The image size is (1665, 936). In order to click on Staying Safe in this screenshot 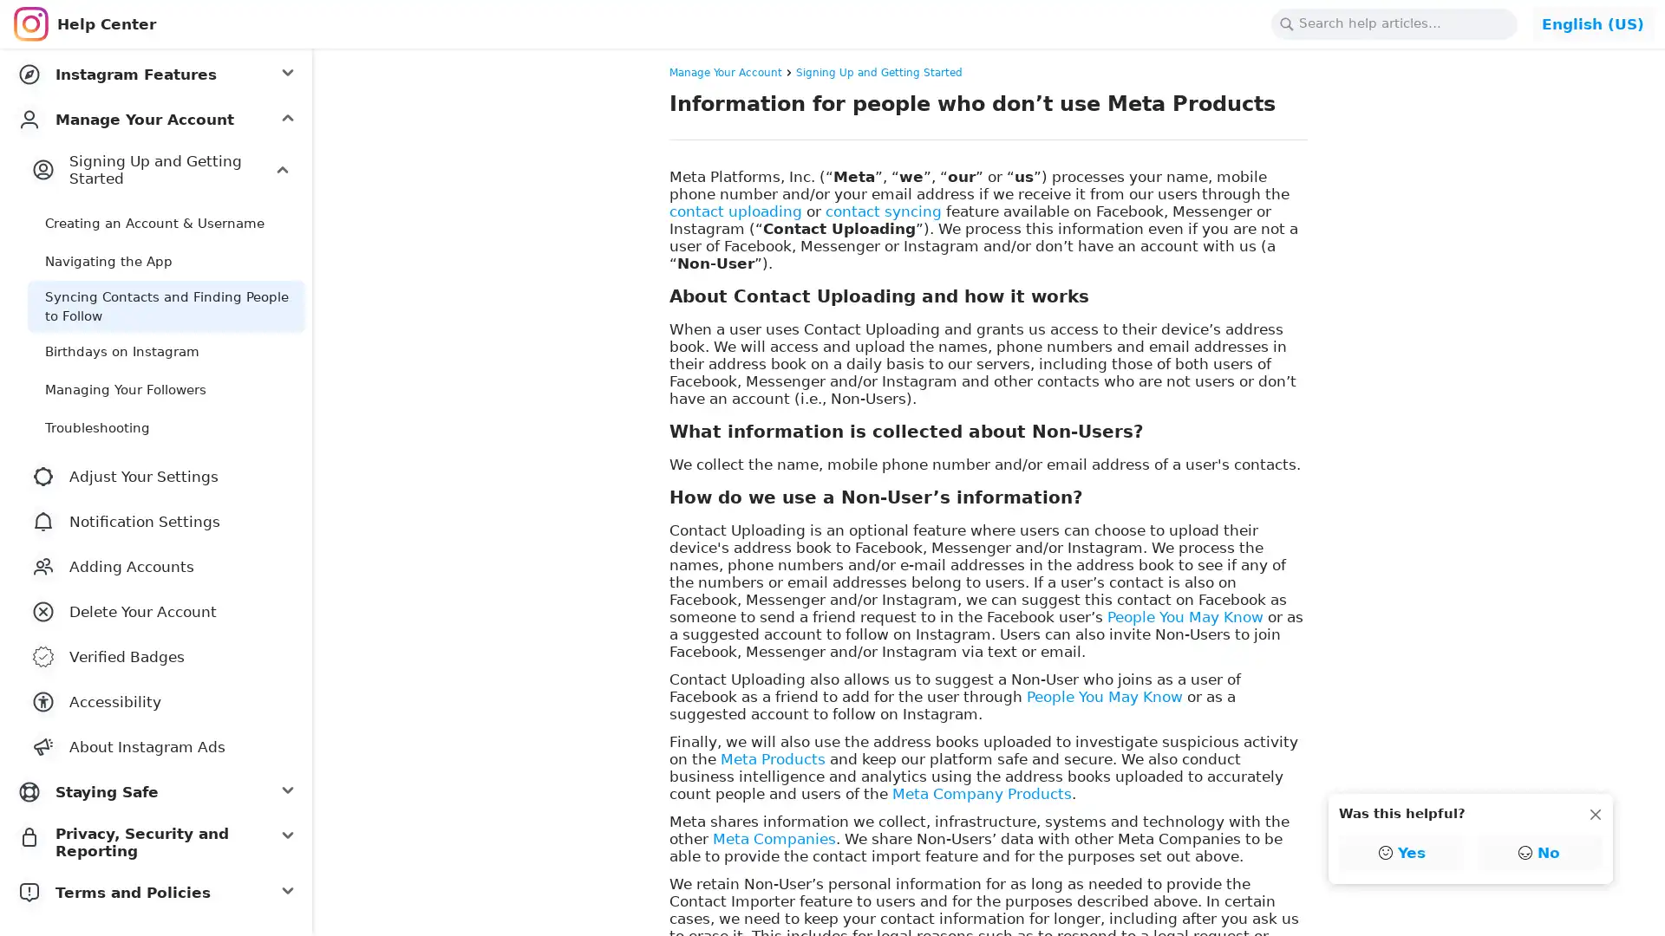, I will do `click(156, 791)`.